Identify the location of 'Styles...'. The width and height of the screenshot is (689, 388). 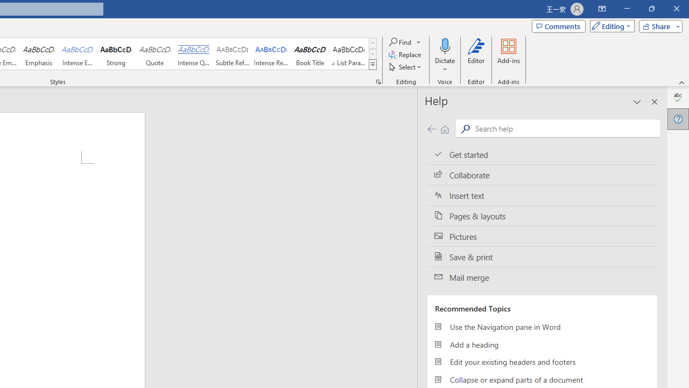
(378, 81).